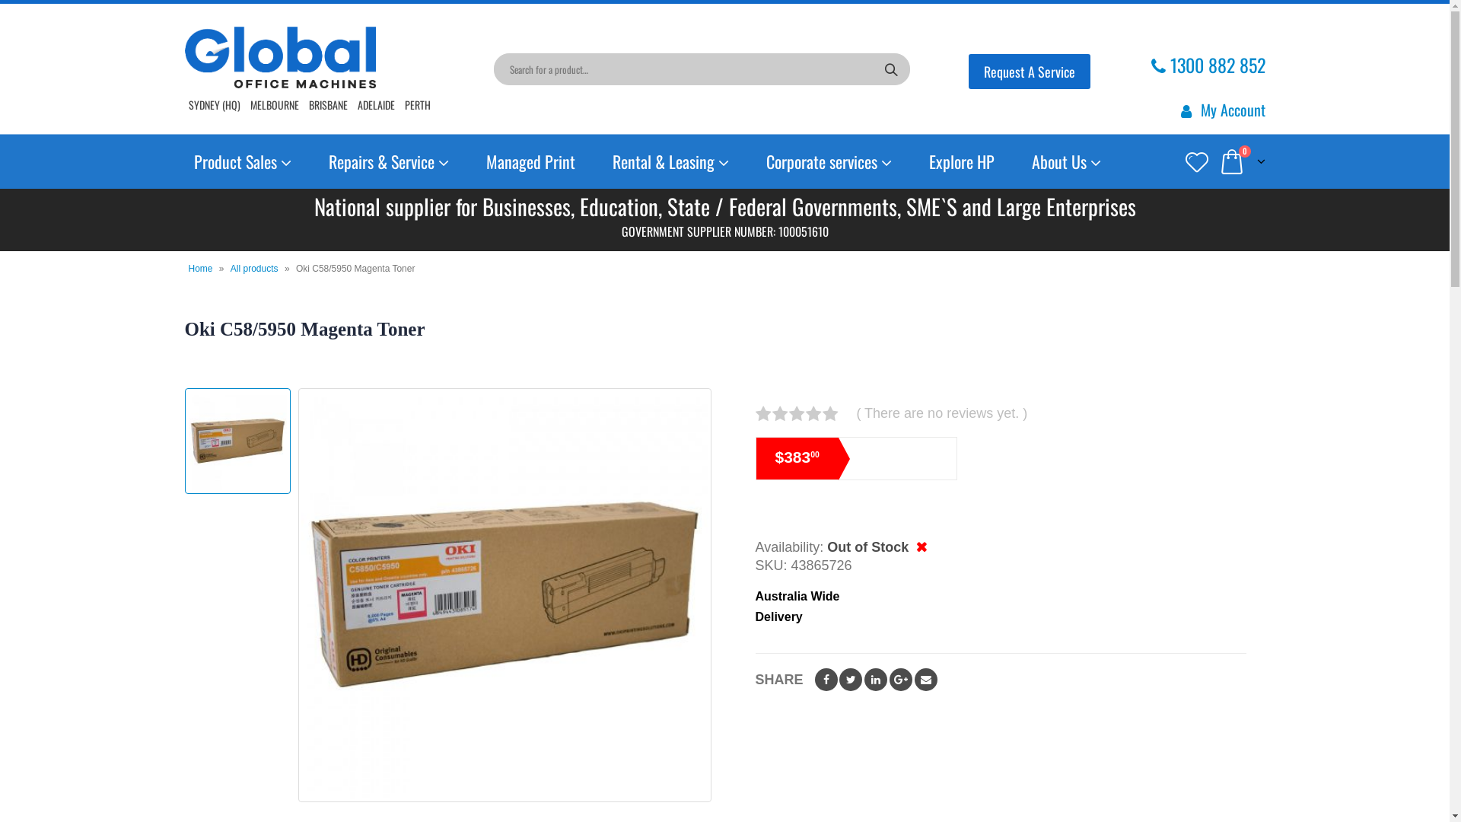  What do you see at coordinates (1065, 161) in the screenshot?
I see `'About Us'` at bounding box center [1065, 161].